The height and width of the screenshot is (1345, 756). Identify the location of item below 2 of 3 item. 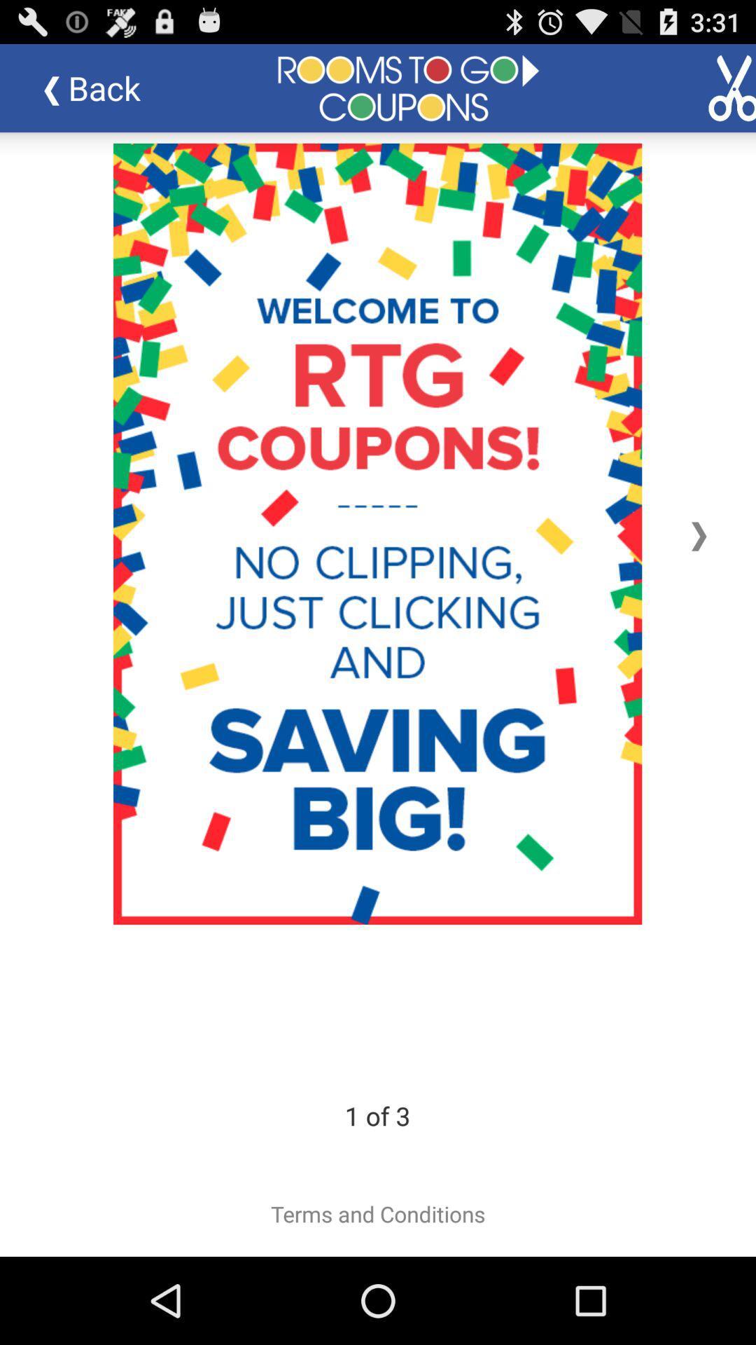
(378, 1213).